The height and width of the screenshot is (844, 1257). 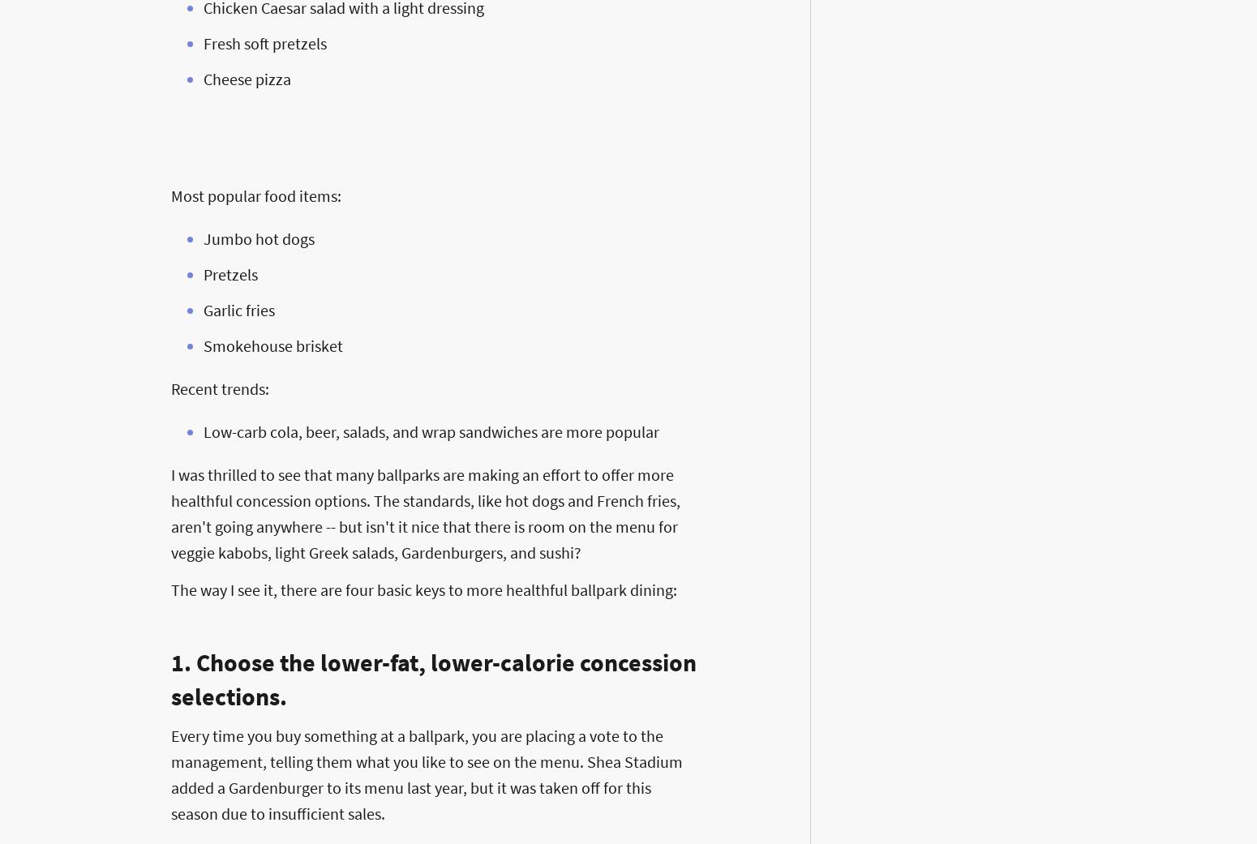 I want to click on 'I was thrilled to see that many ballparks are making an effort to offer more healthful concession options. The standards, like hot dogs and French fries, aren't going anywhere -- but isn't it nice that there is room on the menu for veggie kabobs, light Greek salads, Gardenburgers, and sushi?', so click(x=424, y=512).